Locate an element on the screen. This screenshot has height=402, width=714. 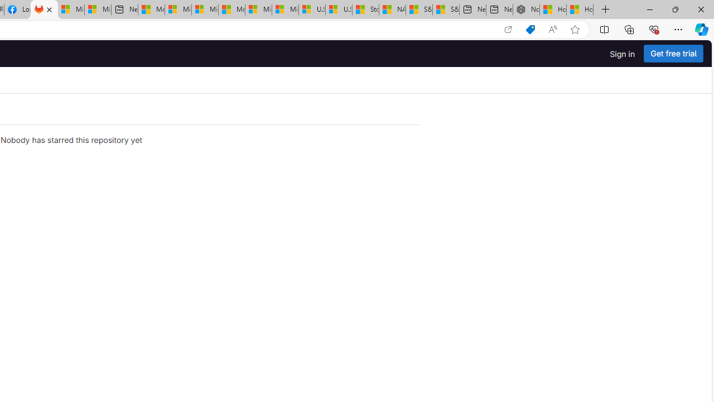
'Copilot (Ctrl+Shift+.)' is located at coordinates (701, 28).